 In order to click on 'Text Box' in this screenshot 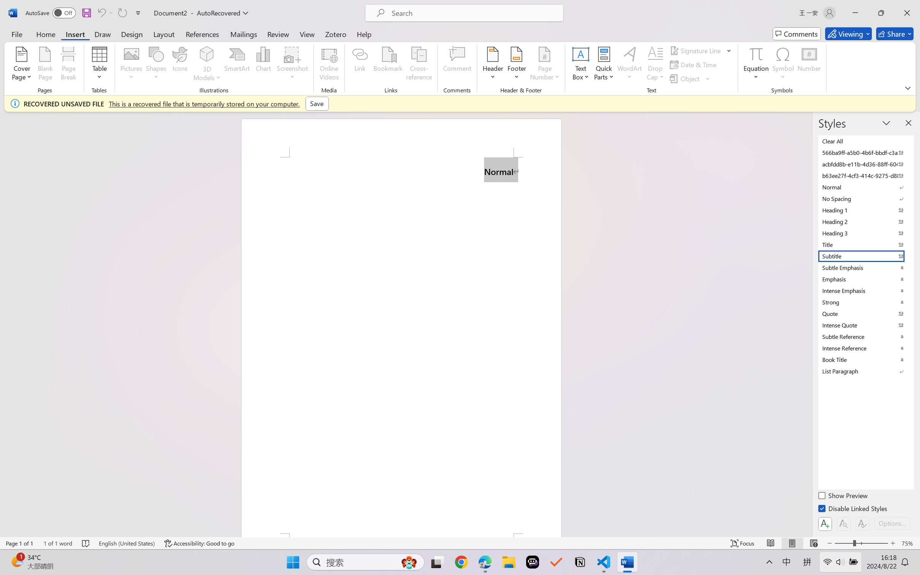, I will do `click(581, 65)`.